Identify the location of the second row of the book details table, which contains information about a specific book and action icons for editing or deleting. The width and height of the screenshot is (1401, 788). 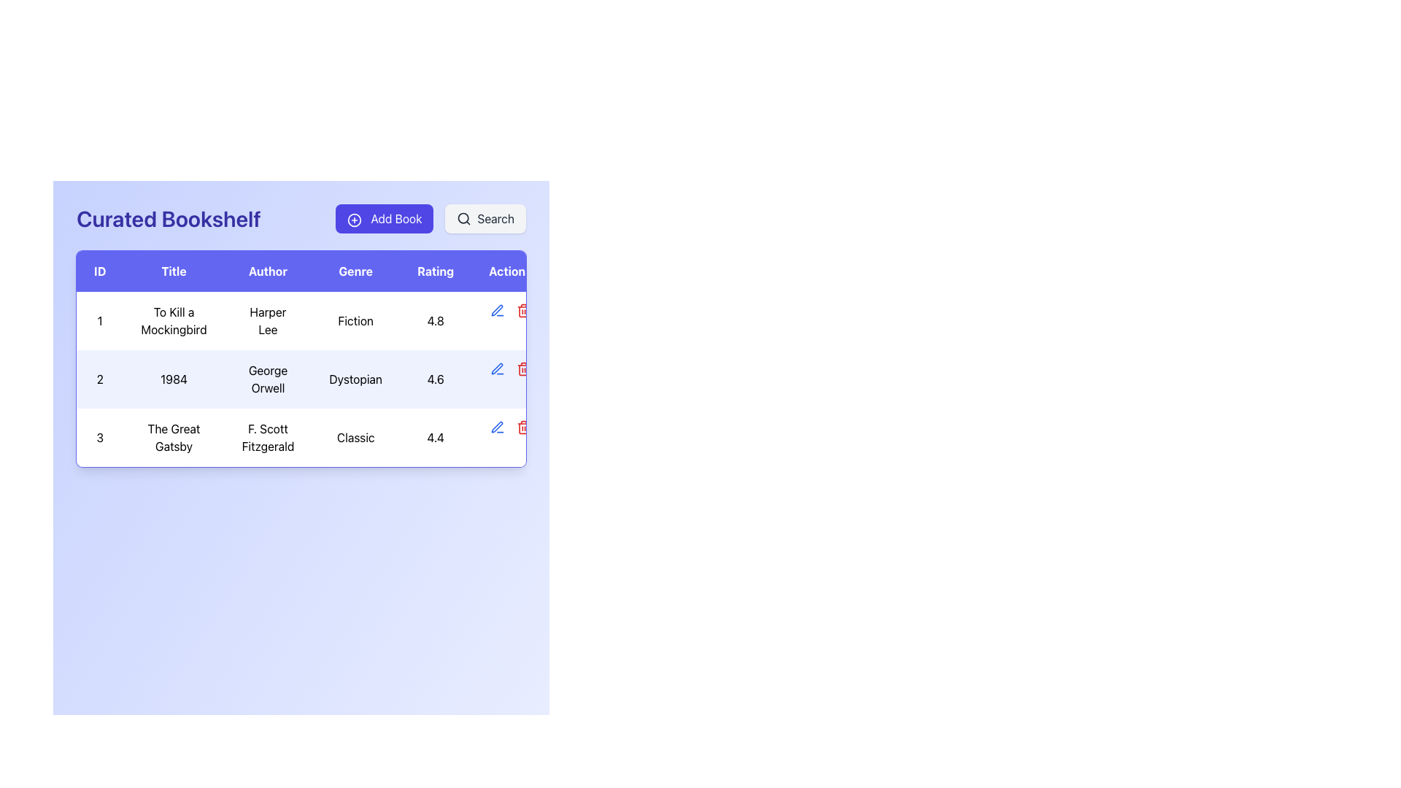
(312, 379).